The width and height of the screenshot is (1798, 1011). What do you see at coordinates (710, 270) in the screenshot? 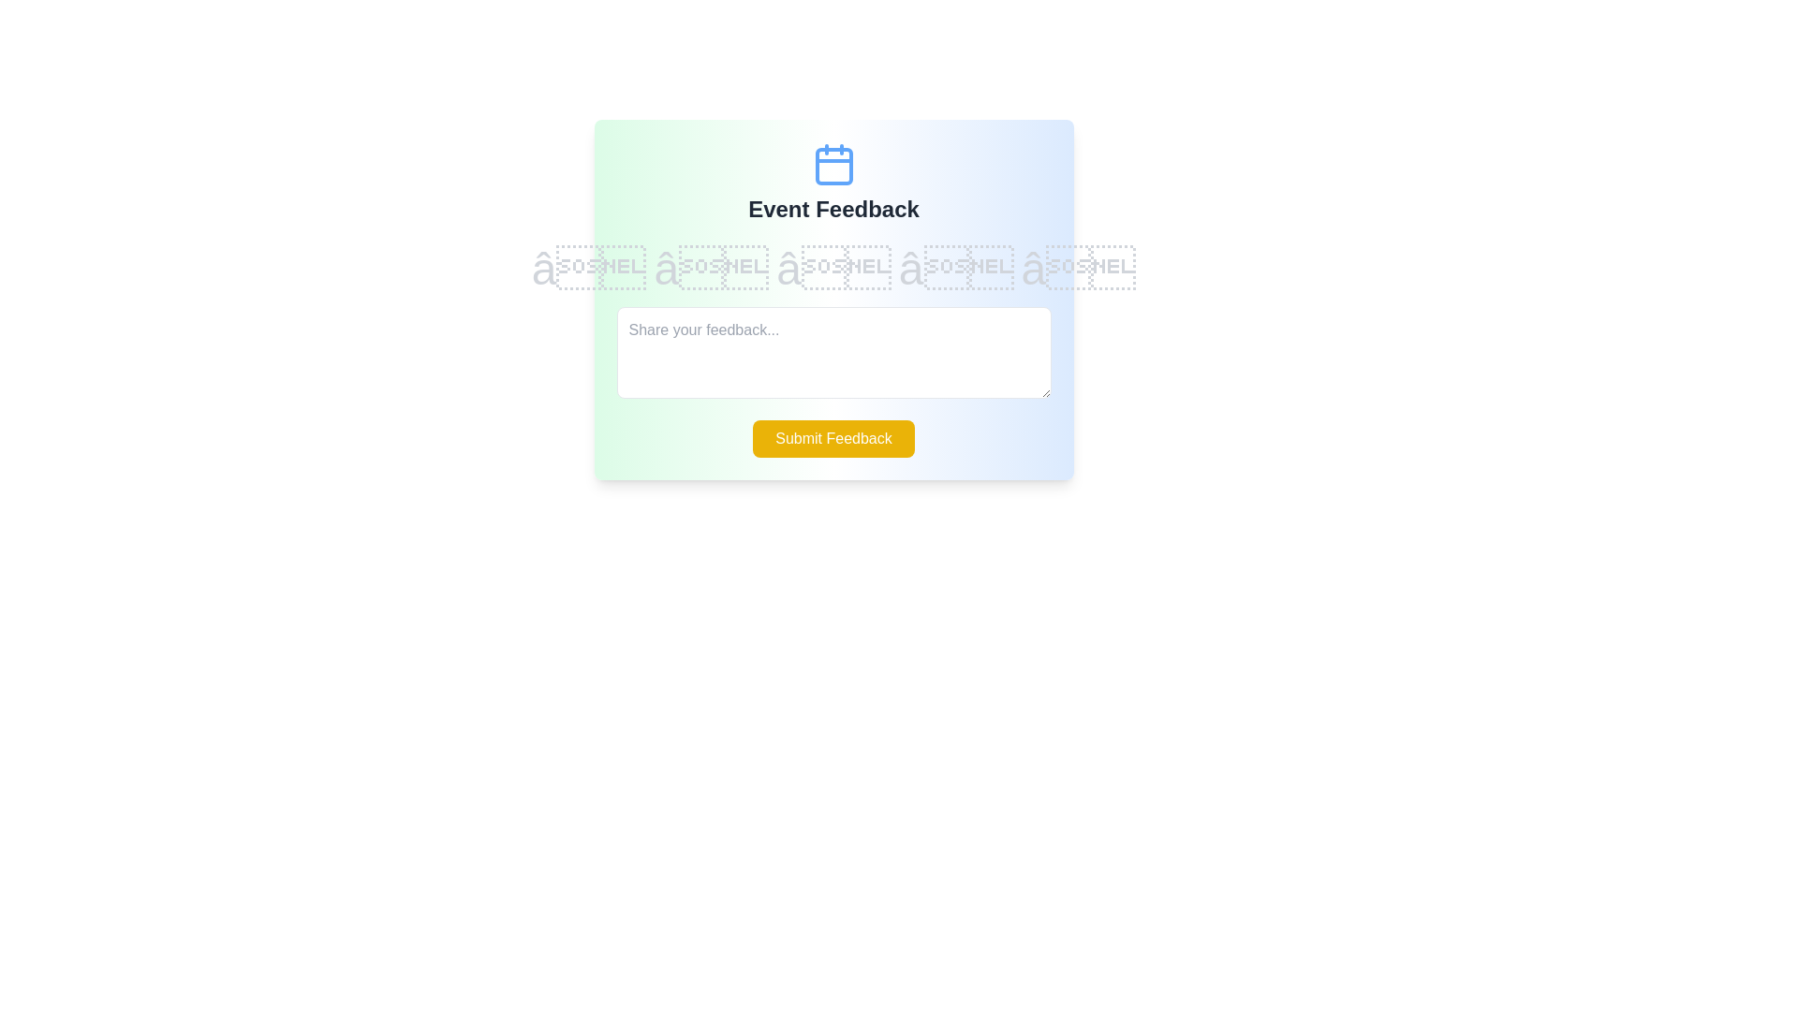
I see `the star corresponding to the desired rating value 2` at bounding box center [710, 270].